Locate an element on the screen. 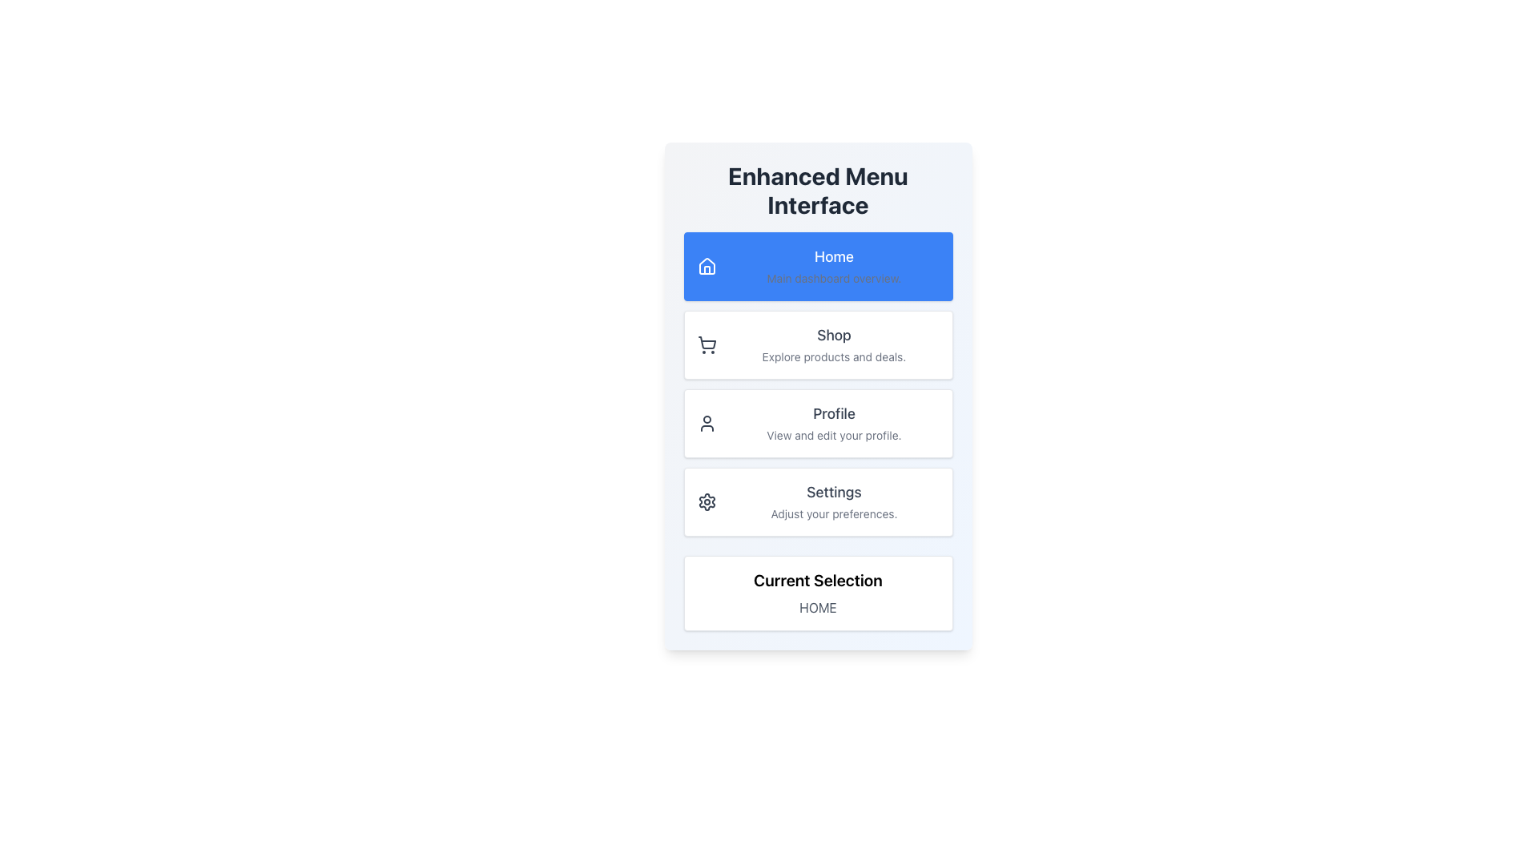 Image resolution: width=1538 pixels, height=865 pixels. text label displaying 'Home', which is in a medium-sized, bold font, white color on a blue background, located at the top section of the interface is located at coordinates (833, 255).